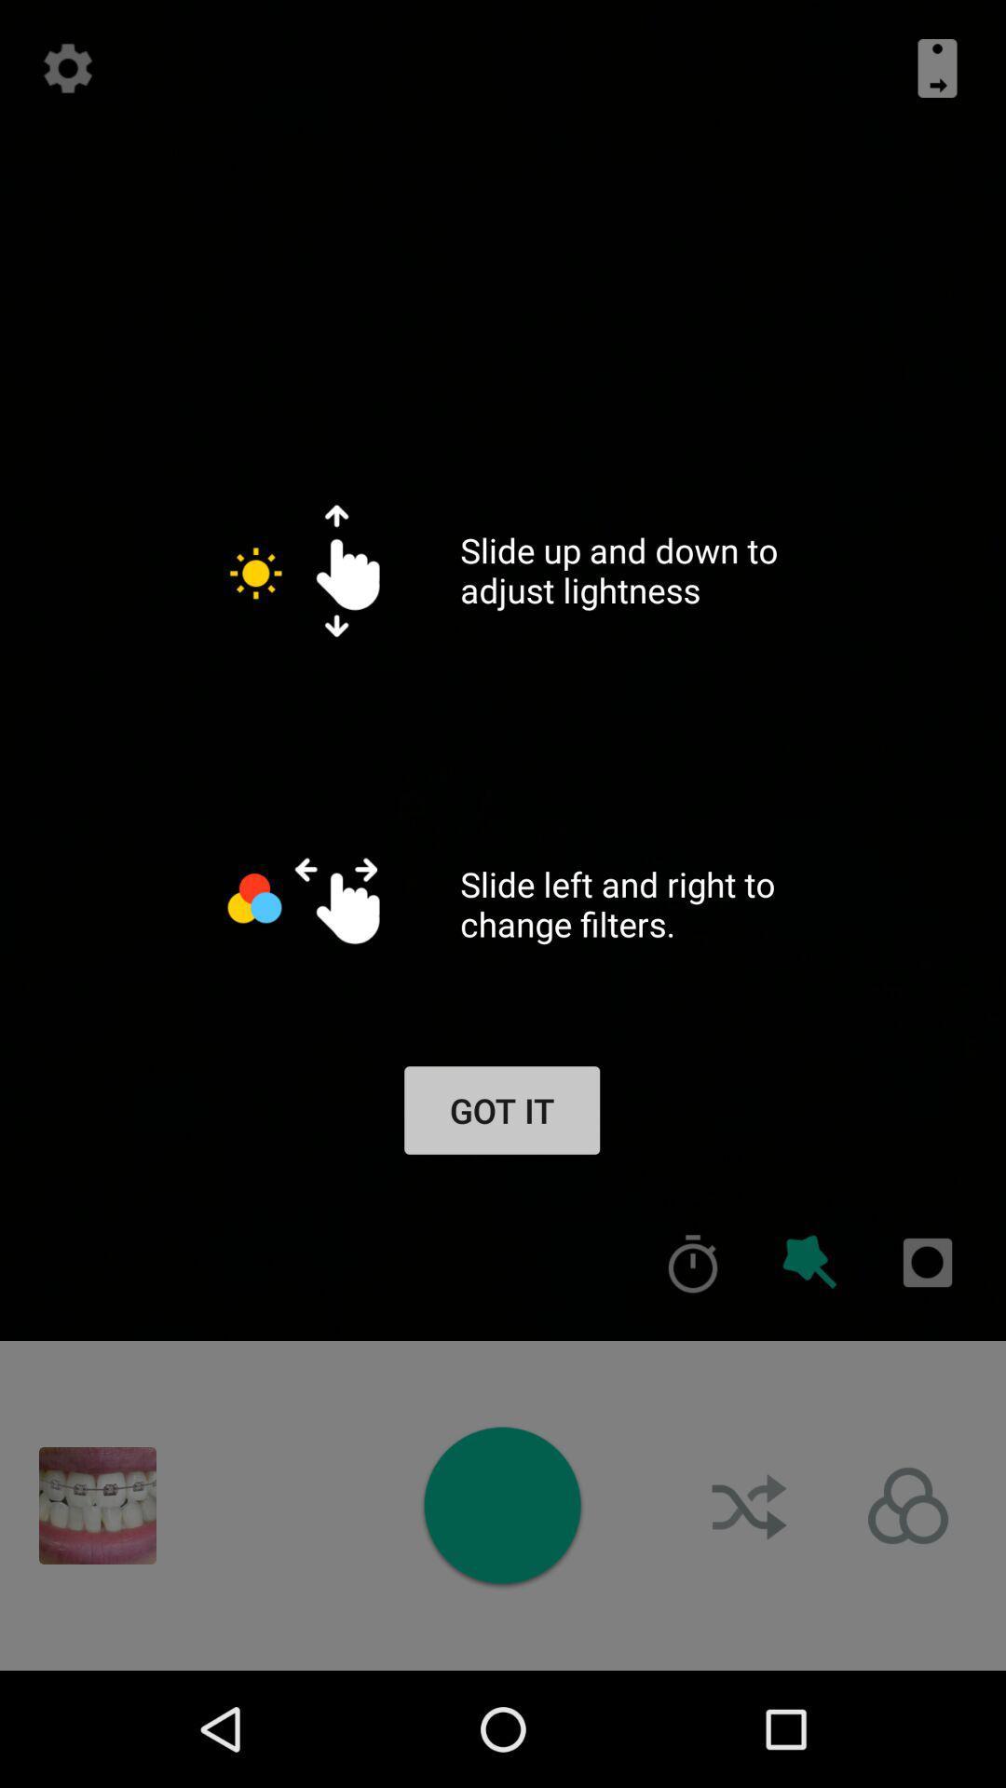 Image resolution: width=1006 pixels, height=1788 pixels. Describe the element at coordinates (927, 1351) in the screenshot. I see `the photo icon` at that location.